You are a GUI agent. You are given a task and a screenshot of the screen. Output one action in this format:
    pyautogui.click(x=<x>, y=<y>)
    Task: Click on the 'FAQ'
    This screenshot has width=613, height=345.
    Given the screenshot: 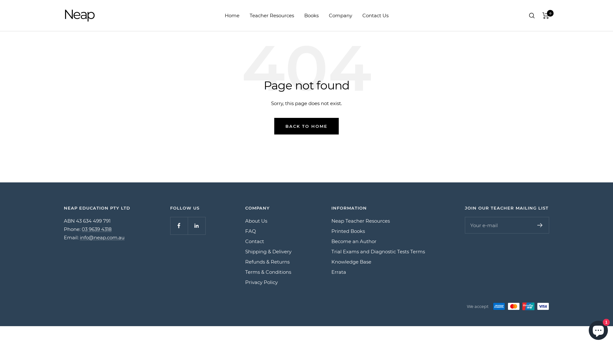 What is the action you would take?
    pyautogui.click(x=250, y=231)
    